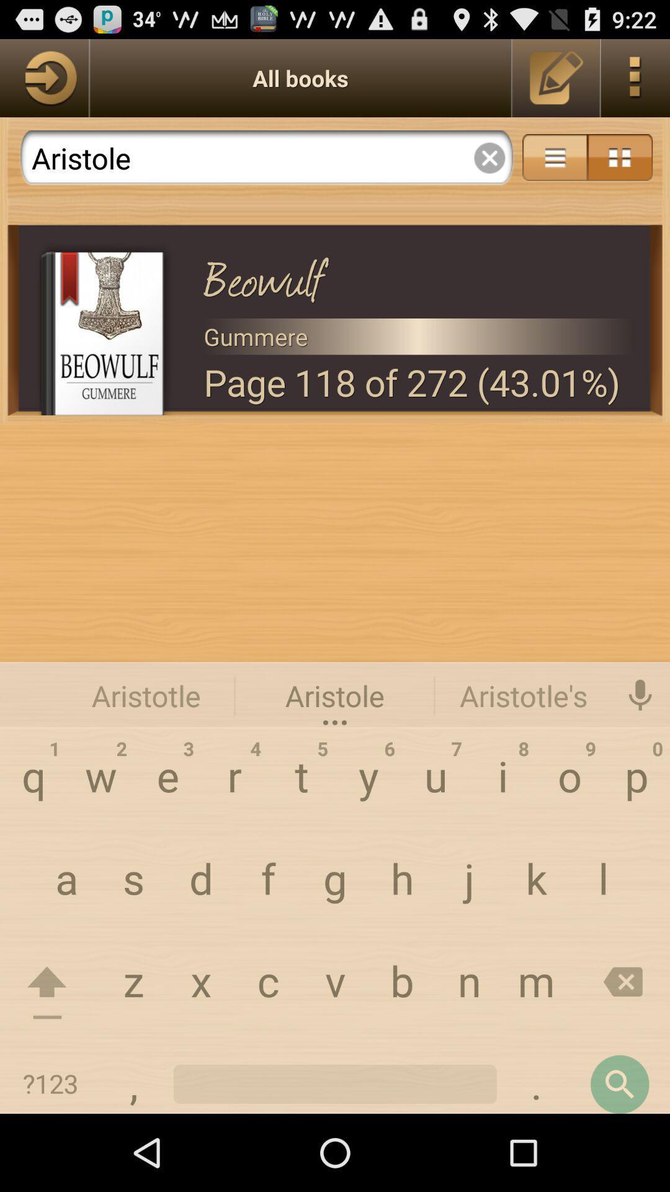 The width and height of the screenshot is (670, 1192). Describe the element at coordinates (635, 77) in the screenshot. I see `open options` at that location.